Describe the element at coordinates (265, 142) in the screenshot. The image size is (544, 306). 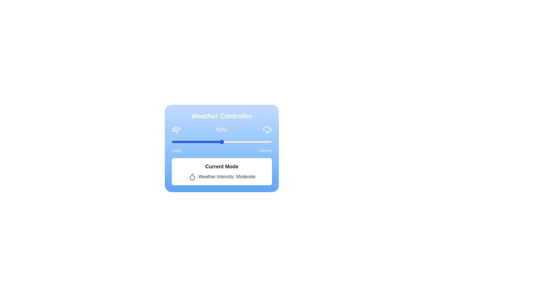
I see `the slider to set the weather intensity to 93%` at that location.